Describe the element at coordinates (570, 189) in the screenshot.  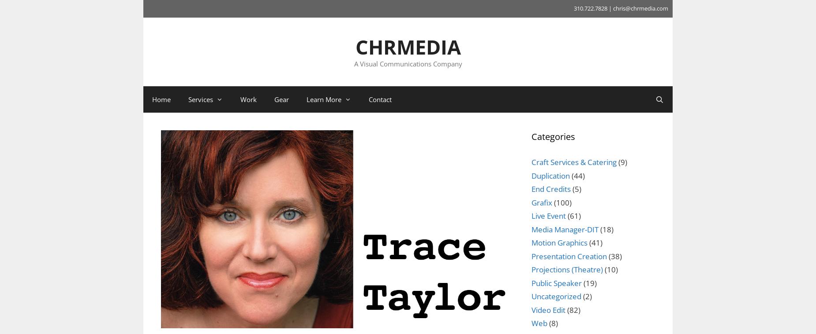
I see `'(5)'` at that location.